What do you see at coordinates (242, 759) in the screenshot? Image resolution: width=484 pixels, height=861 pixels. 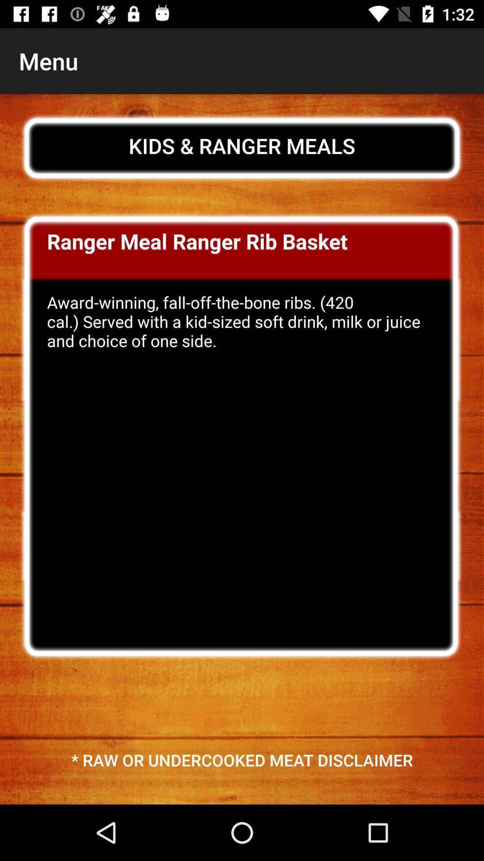 I see `the raw or undercooked item` at bounding box center [242, 759].